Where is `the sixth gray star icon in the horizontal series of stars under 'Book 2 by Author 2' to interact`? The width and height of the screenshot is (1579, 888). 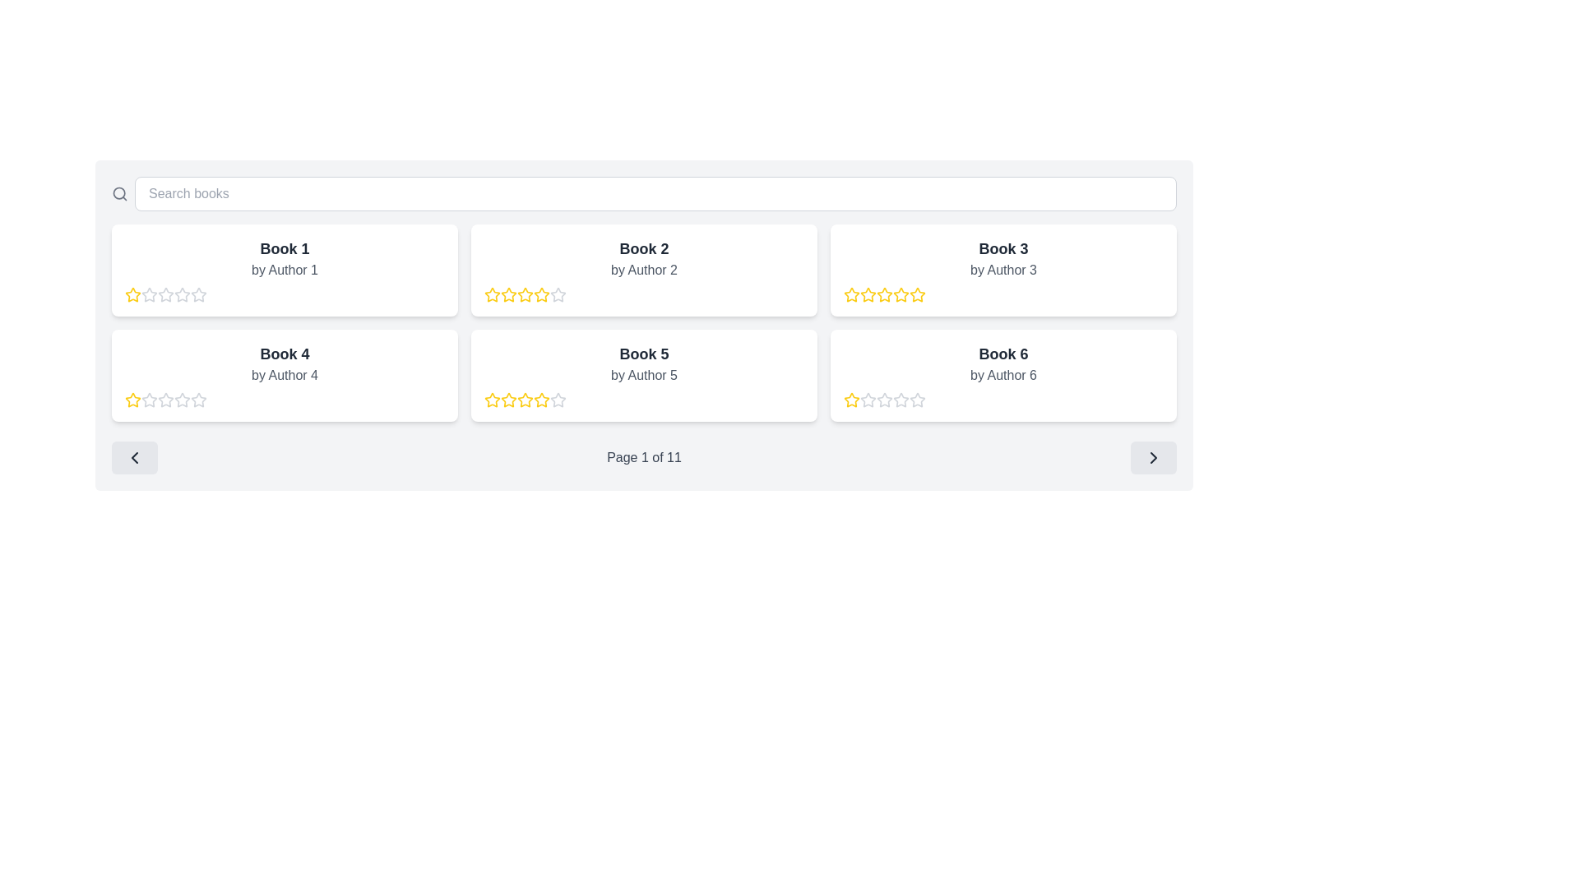
the sixth gray star icon in the horizontal series of stars under 'Book 2 by Author 2' to interact is located at coordinates (558, 294).